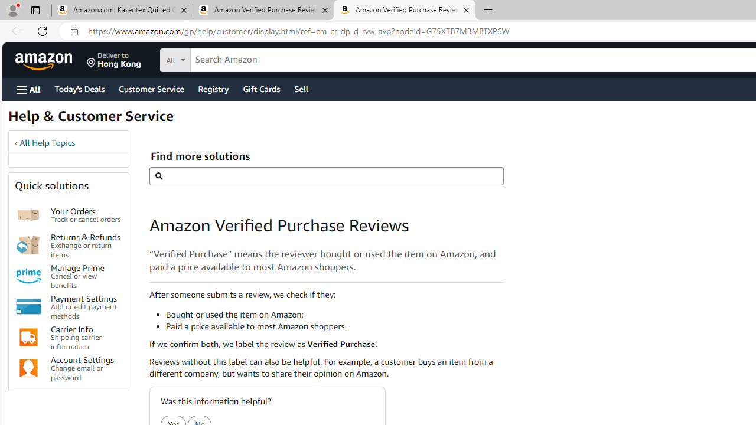  I want to click on 'Carrier Info Shipping carrier information', so click(85, 337).